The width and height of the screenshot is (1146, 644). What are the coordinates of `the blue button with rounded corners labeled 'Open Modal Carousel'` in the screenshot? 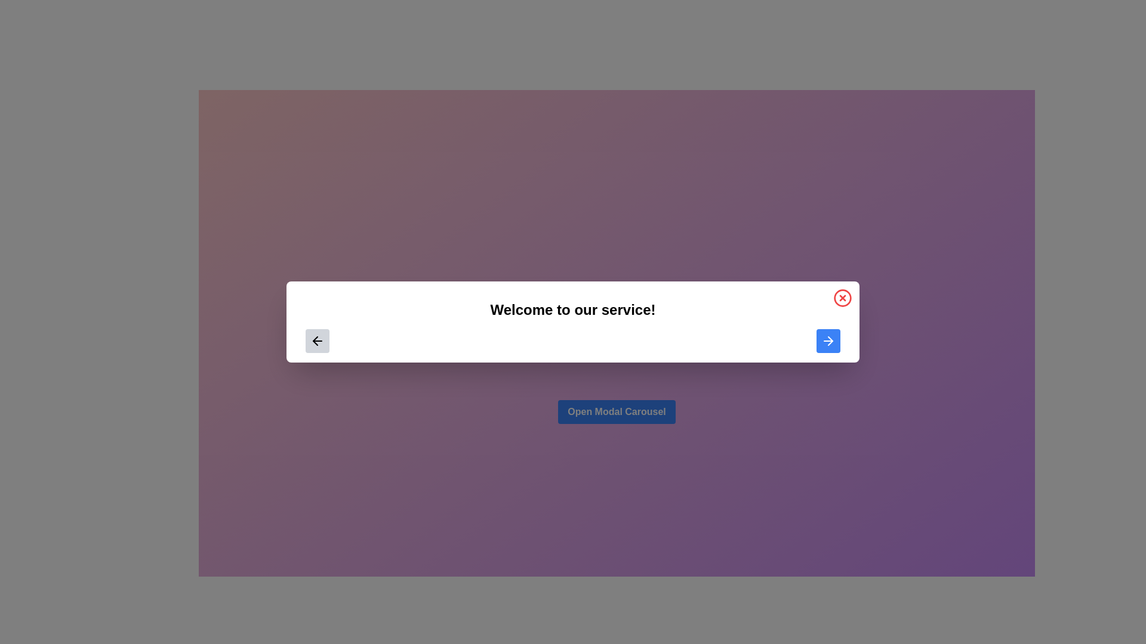 It's located at (617, 411).